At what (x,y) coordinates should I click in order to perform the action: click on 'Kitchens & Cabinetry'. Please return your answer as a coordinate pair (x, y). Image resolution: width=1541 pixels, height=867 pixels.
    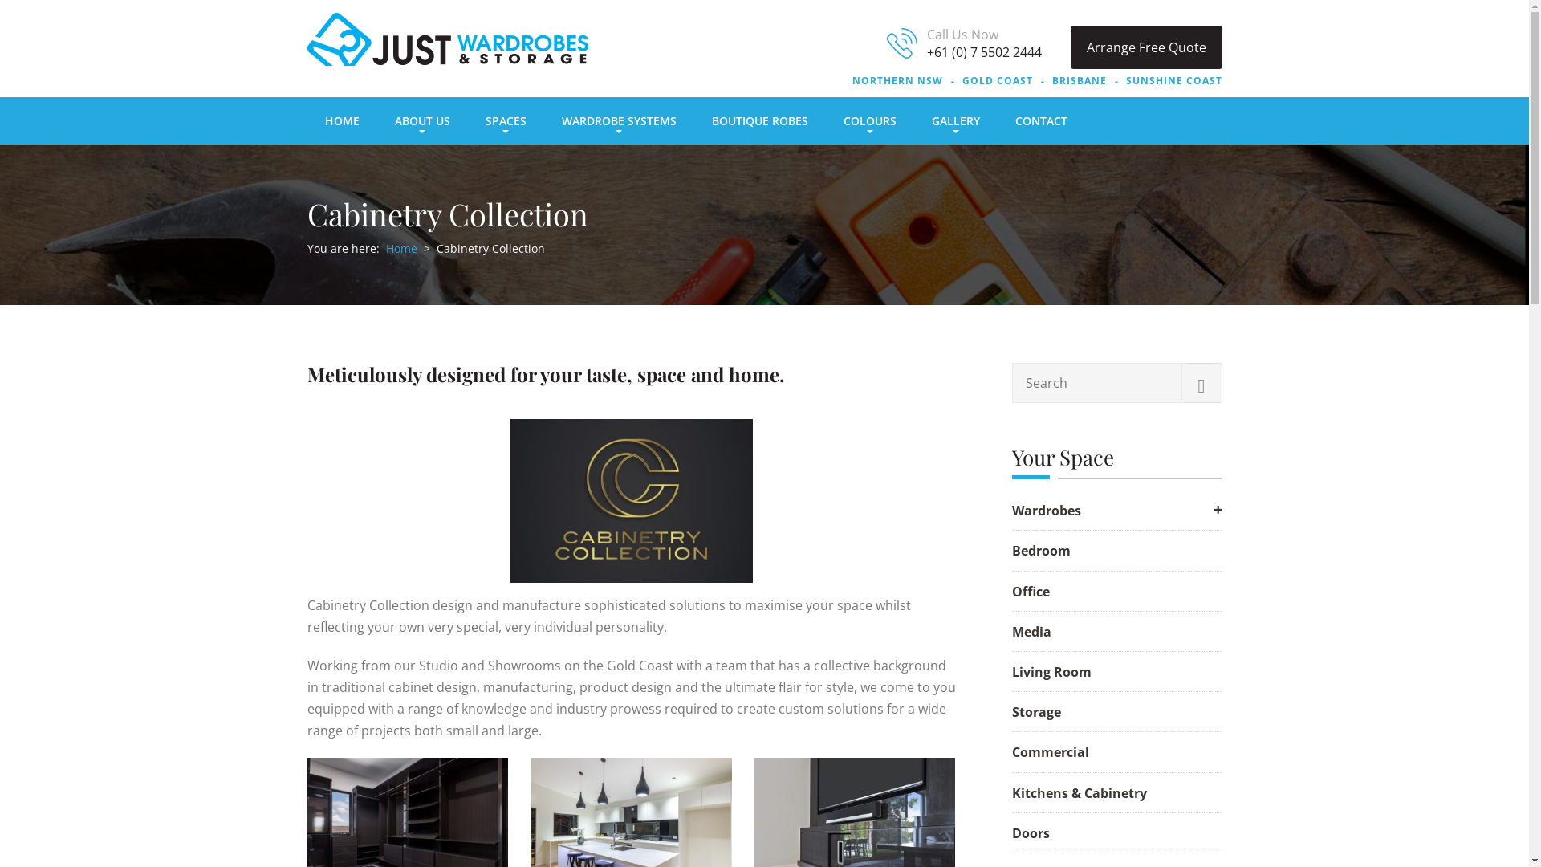
    Looking at the image, I should click on (1116, 792).